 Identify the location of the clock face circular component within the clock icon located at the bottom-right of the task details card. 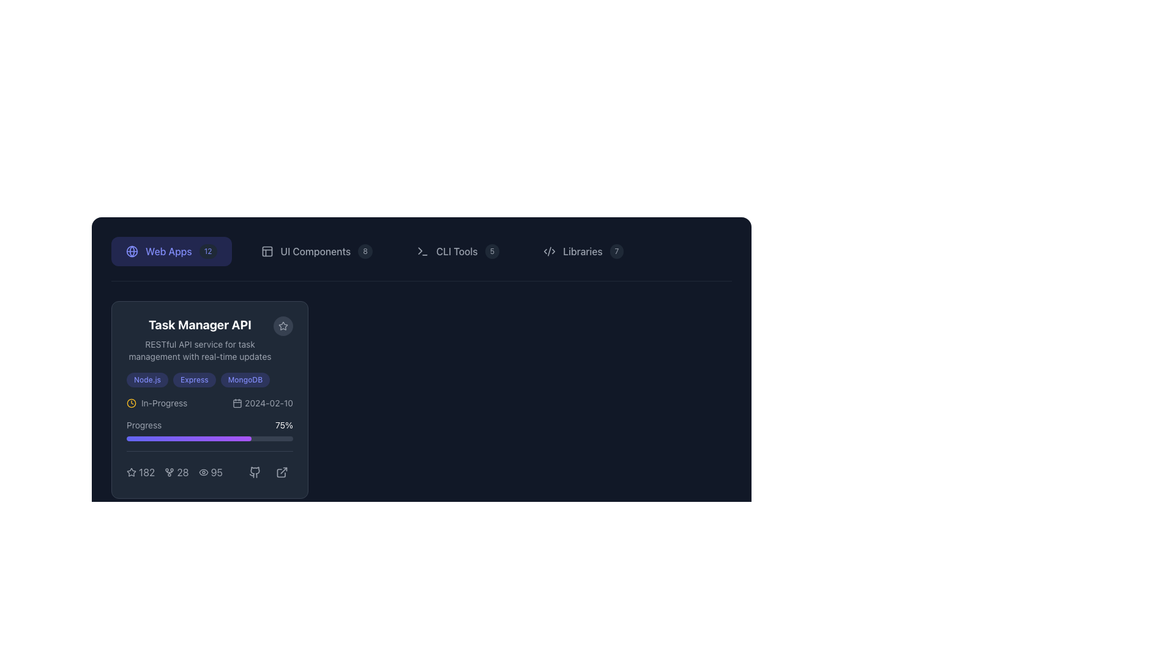
(132, 403).